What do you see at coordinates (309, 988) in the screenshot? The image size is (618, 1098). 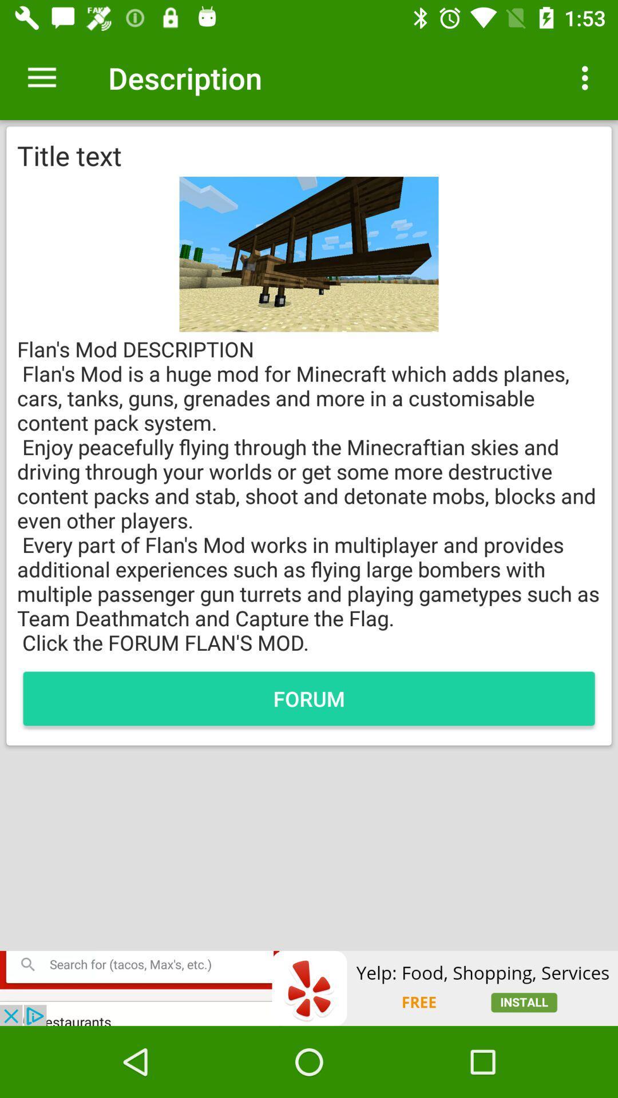 I see `adclick` at bounding box center [309, 988].